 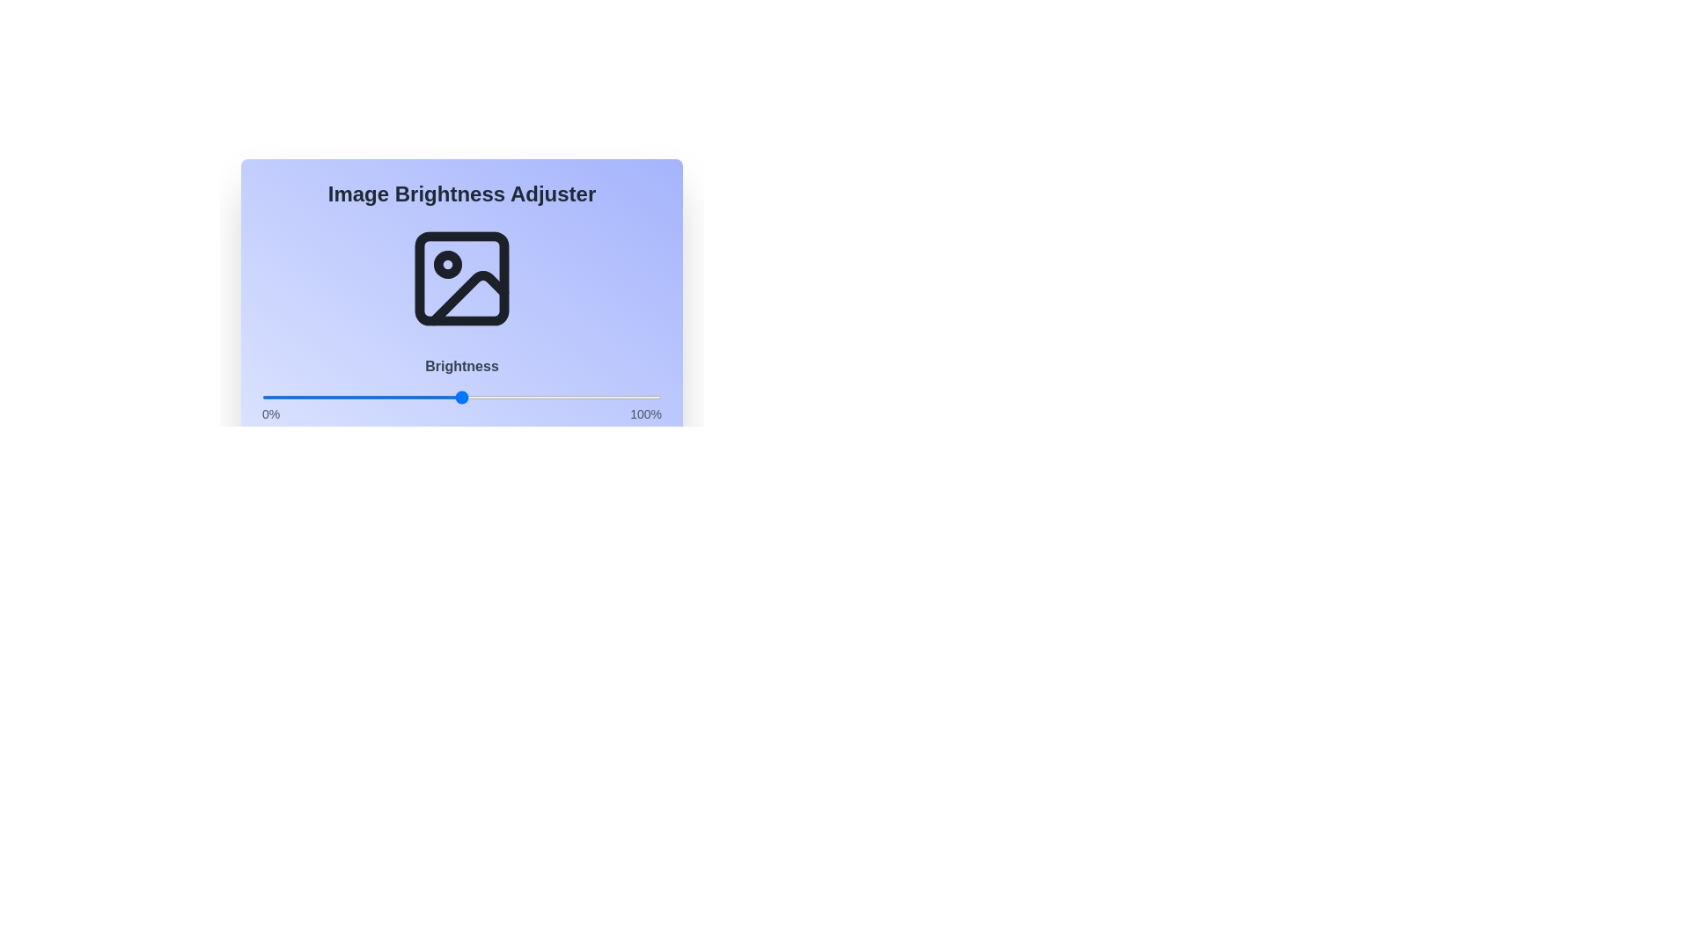 What do you see at coordinates (349, 397) in the screenshot?
I see `the brightness slider to 22%` at bounding box center [349, 397].